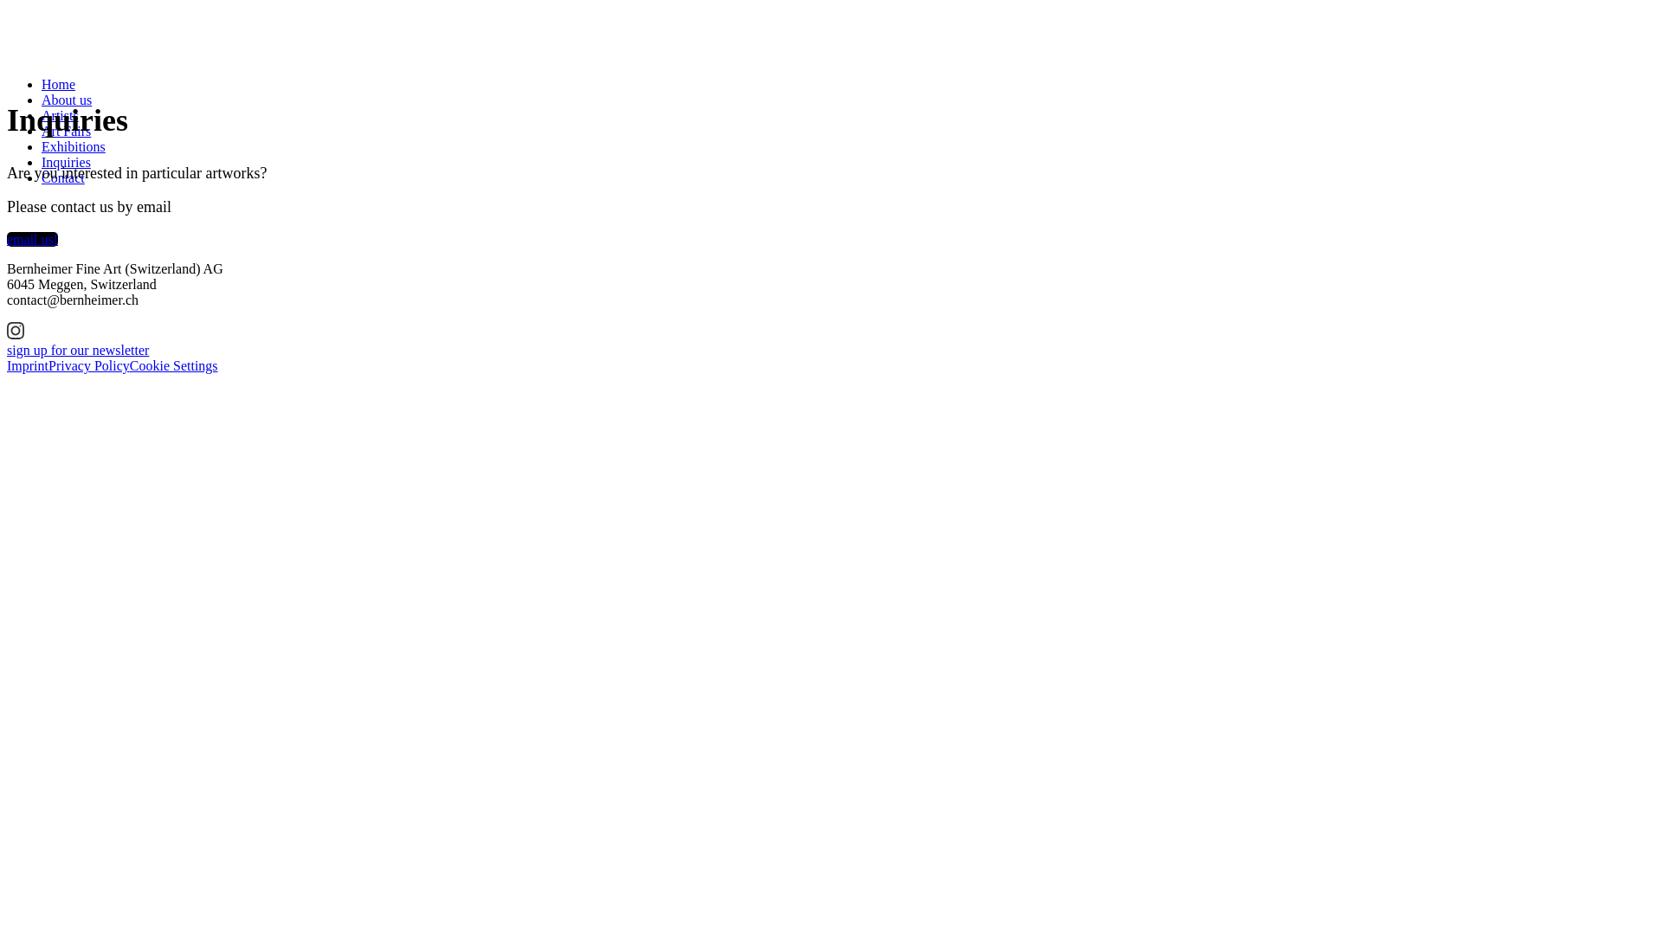 The height and width of the screenshot is (935, 1662). What do you see at coordinates (58, 84) in the screenshot?
I see `'Home'` at bounding box center [58, 84].